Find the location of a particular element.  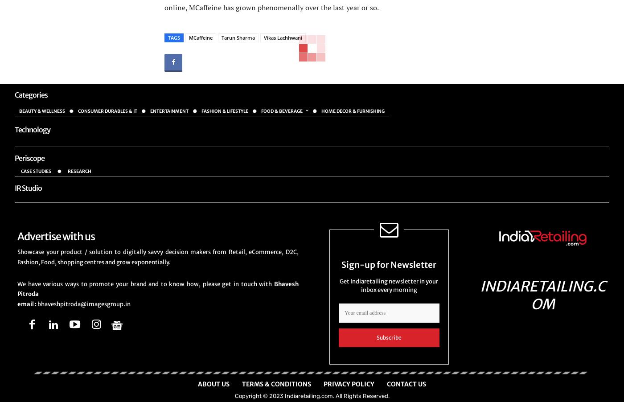

'Privacy Policy' is located at coordinates (349, 383).